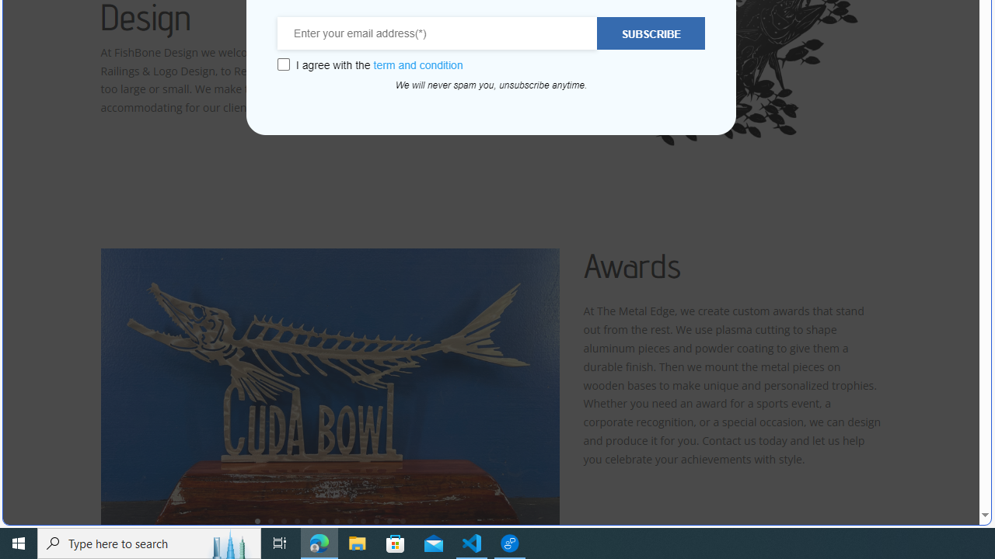  Describe the element at coordinates (437, 33) in the screenshot. I see `'Enter your email address(*)'` at that location.